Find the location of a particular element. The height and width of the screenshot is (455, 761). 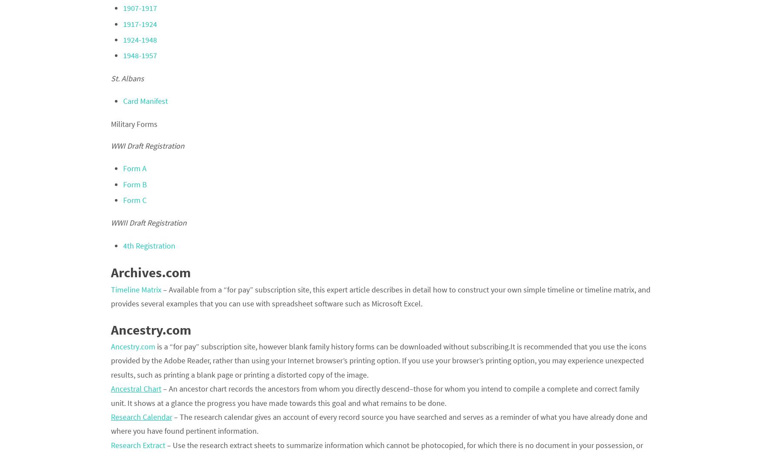

'Military Forms' is located at coordinates (133, 123).